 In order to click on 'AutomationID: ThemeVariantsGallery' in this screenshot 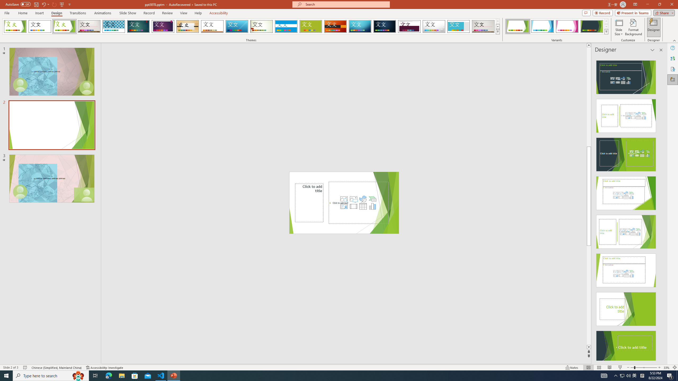, I will do `click(557, 26)`.